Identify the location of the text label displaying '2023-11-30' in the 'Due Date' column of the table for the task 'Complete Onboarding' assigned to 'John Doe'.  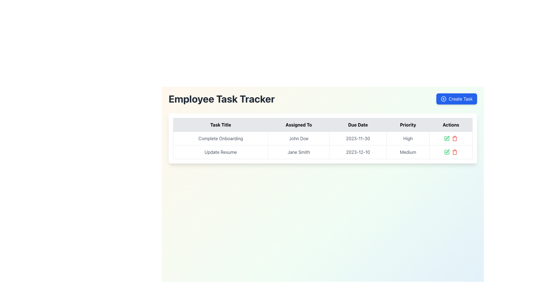
(358, 138).